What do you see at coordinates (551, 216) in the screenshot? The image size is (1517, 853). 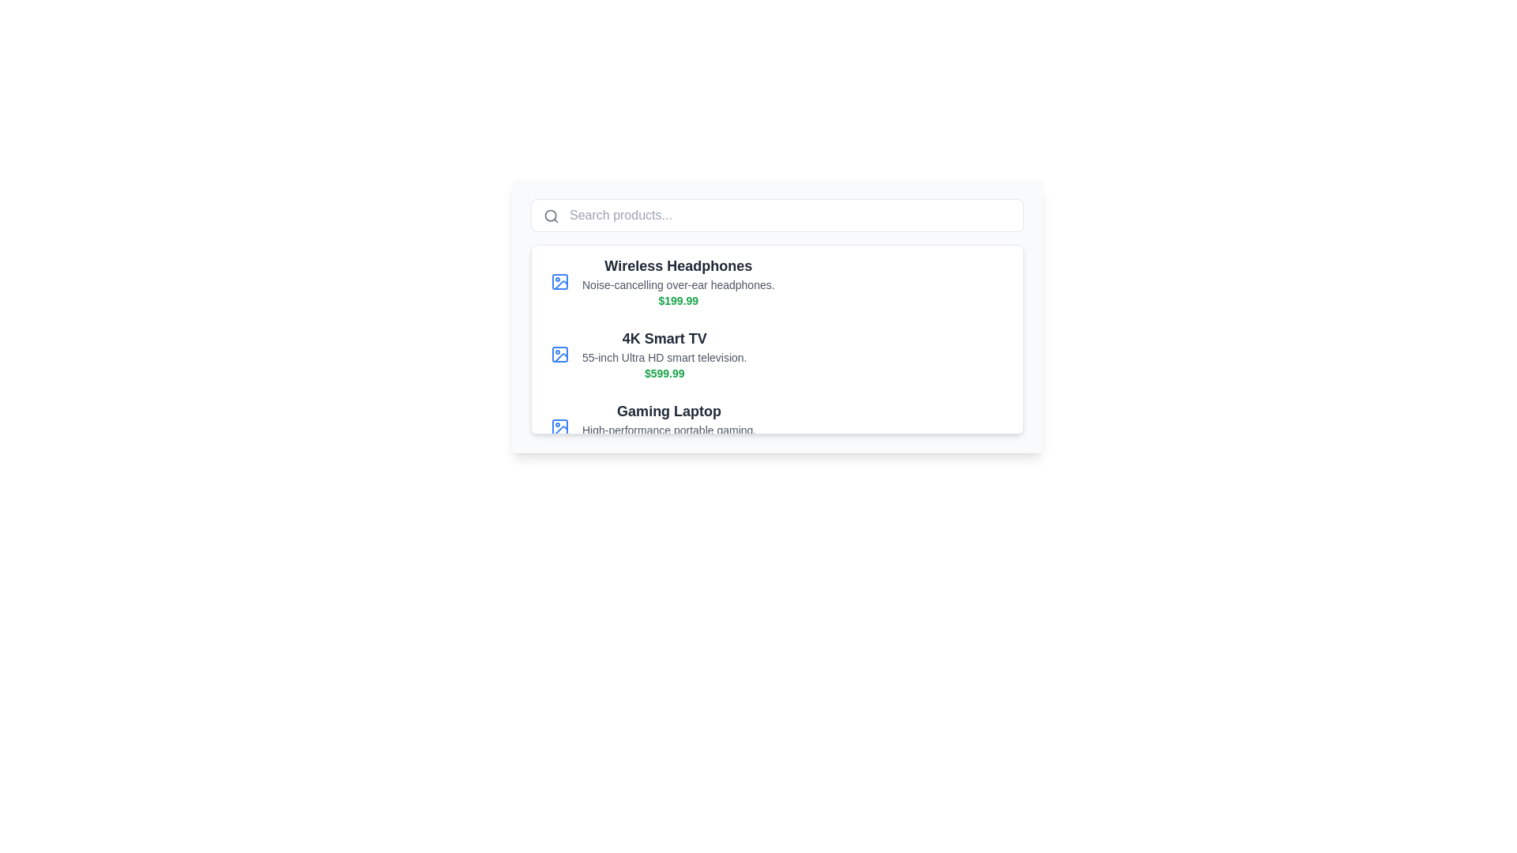 I see `the magnifying glass icon located at the far left of the search input field` at bounding box center [551, 216].